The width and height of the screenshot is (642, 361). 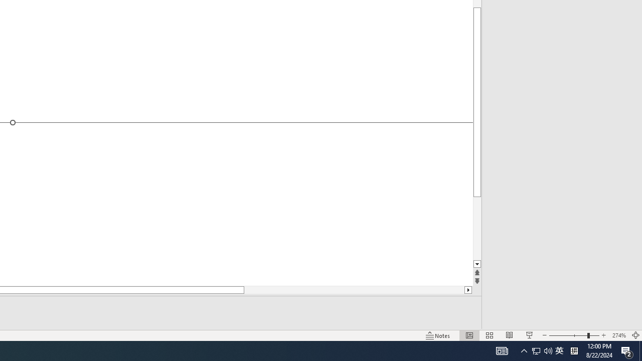 I want to click on 'Zoom 274%', so click(x=618, y=335).